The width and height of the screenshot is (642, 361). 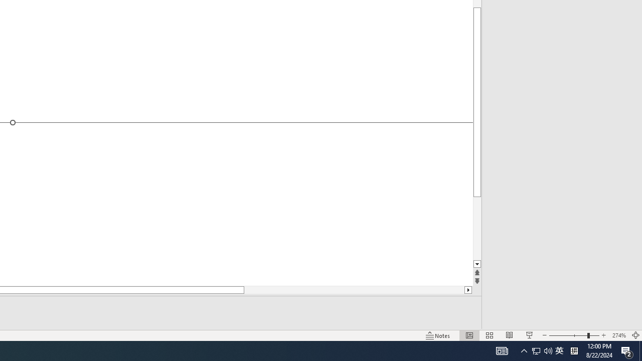 I want to click on 'Zoom 274%', so click(x=618, y=335).